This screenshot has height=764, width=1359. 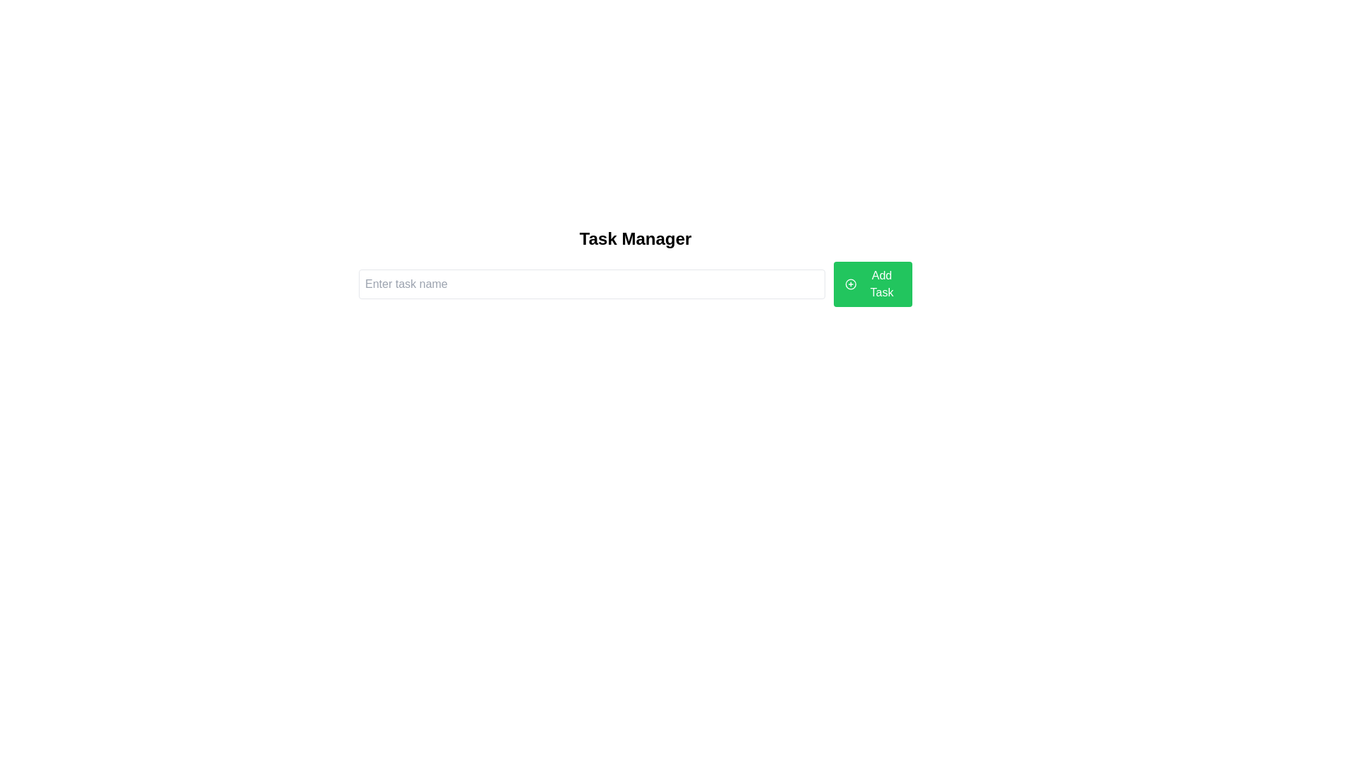 I want to click on the 'Task Manager' text header, which is displayed in bold, large font at the center of the page above all other elements, so click(x=634, y=238).